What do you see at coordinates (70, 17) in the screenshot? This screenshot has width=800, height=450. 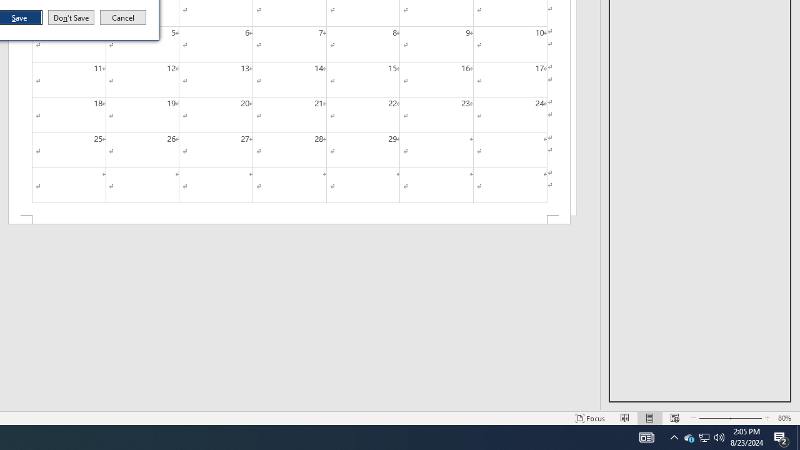 I see `'Don'` at bounding box center [70, 17].